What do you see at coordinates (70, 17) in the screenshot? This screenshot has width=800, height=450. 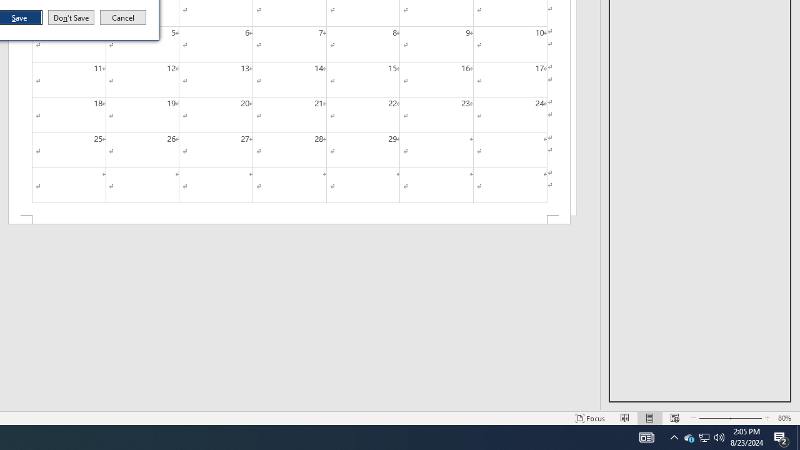 I see `'Don'` at bounding box center [70, 17].